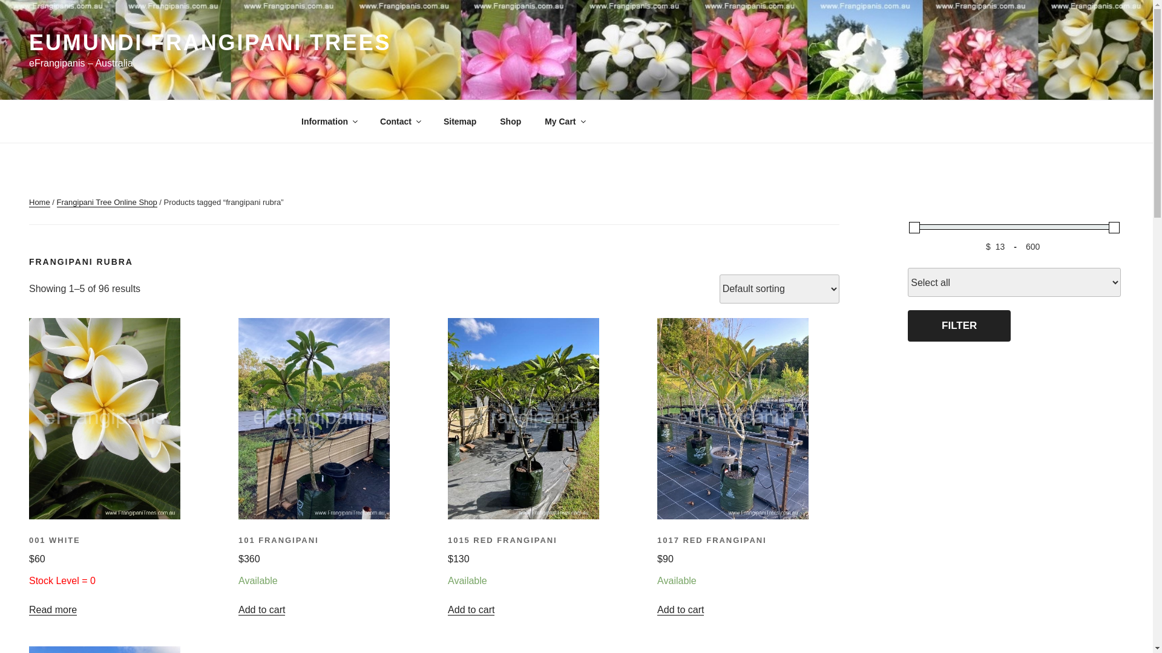 This screenshot has height=653, width=1162. Describe the element at coordinates (399, 121) in the screenshot. I see `'Contact'` at that location.